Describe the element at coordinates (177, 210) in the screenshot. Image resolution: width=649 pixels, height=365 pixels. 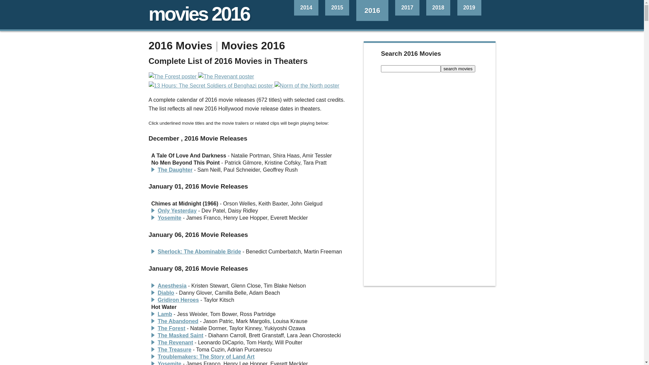
I see `'Only Yesterday'` at that location.